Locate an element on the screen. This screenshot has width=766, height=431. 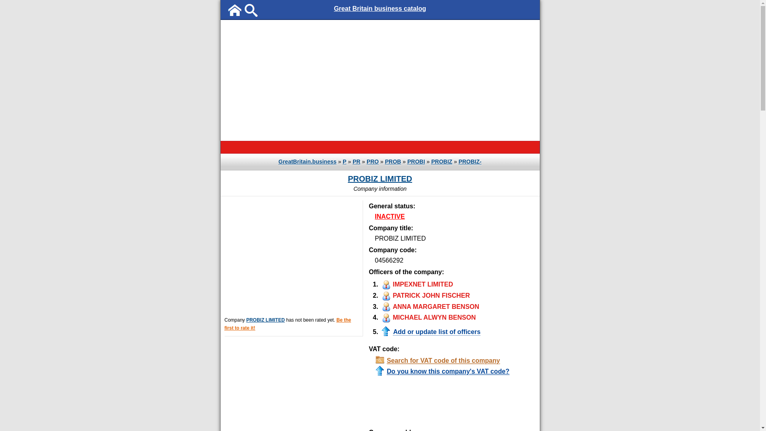
'More info about MICHAEL ALWYN BENSONMICHAEL ALWYN BENSON' is located at coordinates (427, 316).